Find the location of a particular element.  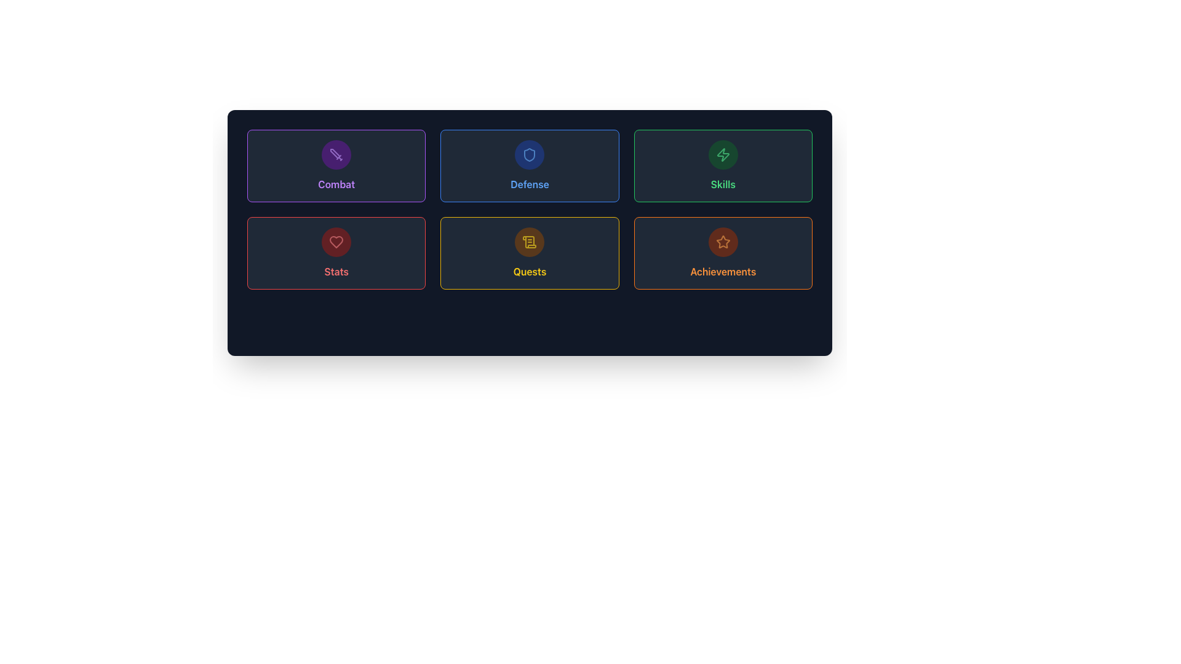

the decorative SVG polygon that enhances the visual representation of the 'Combat' category within the user interface is located at coordinates (335, 153).